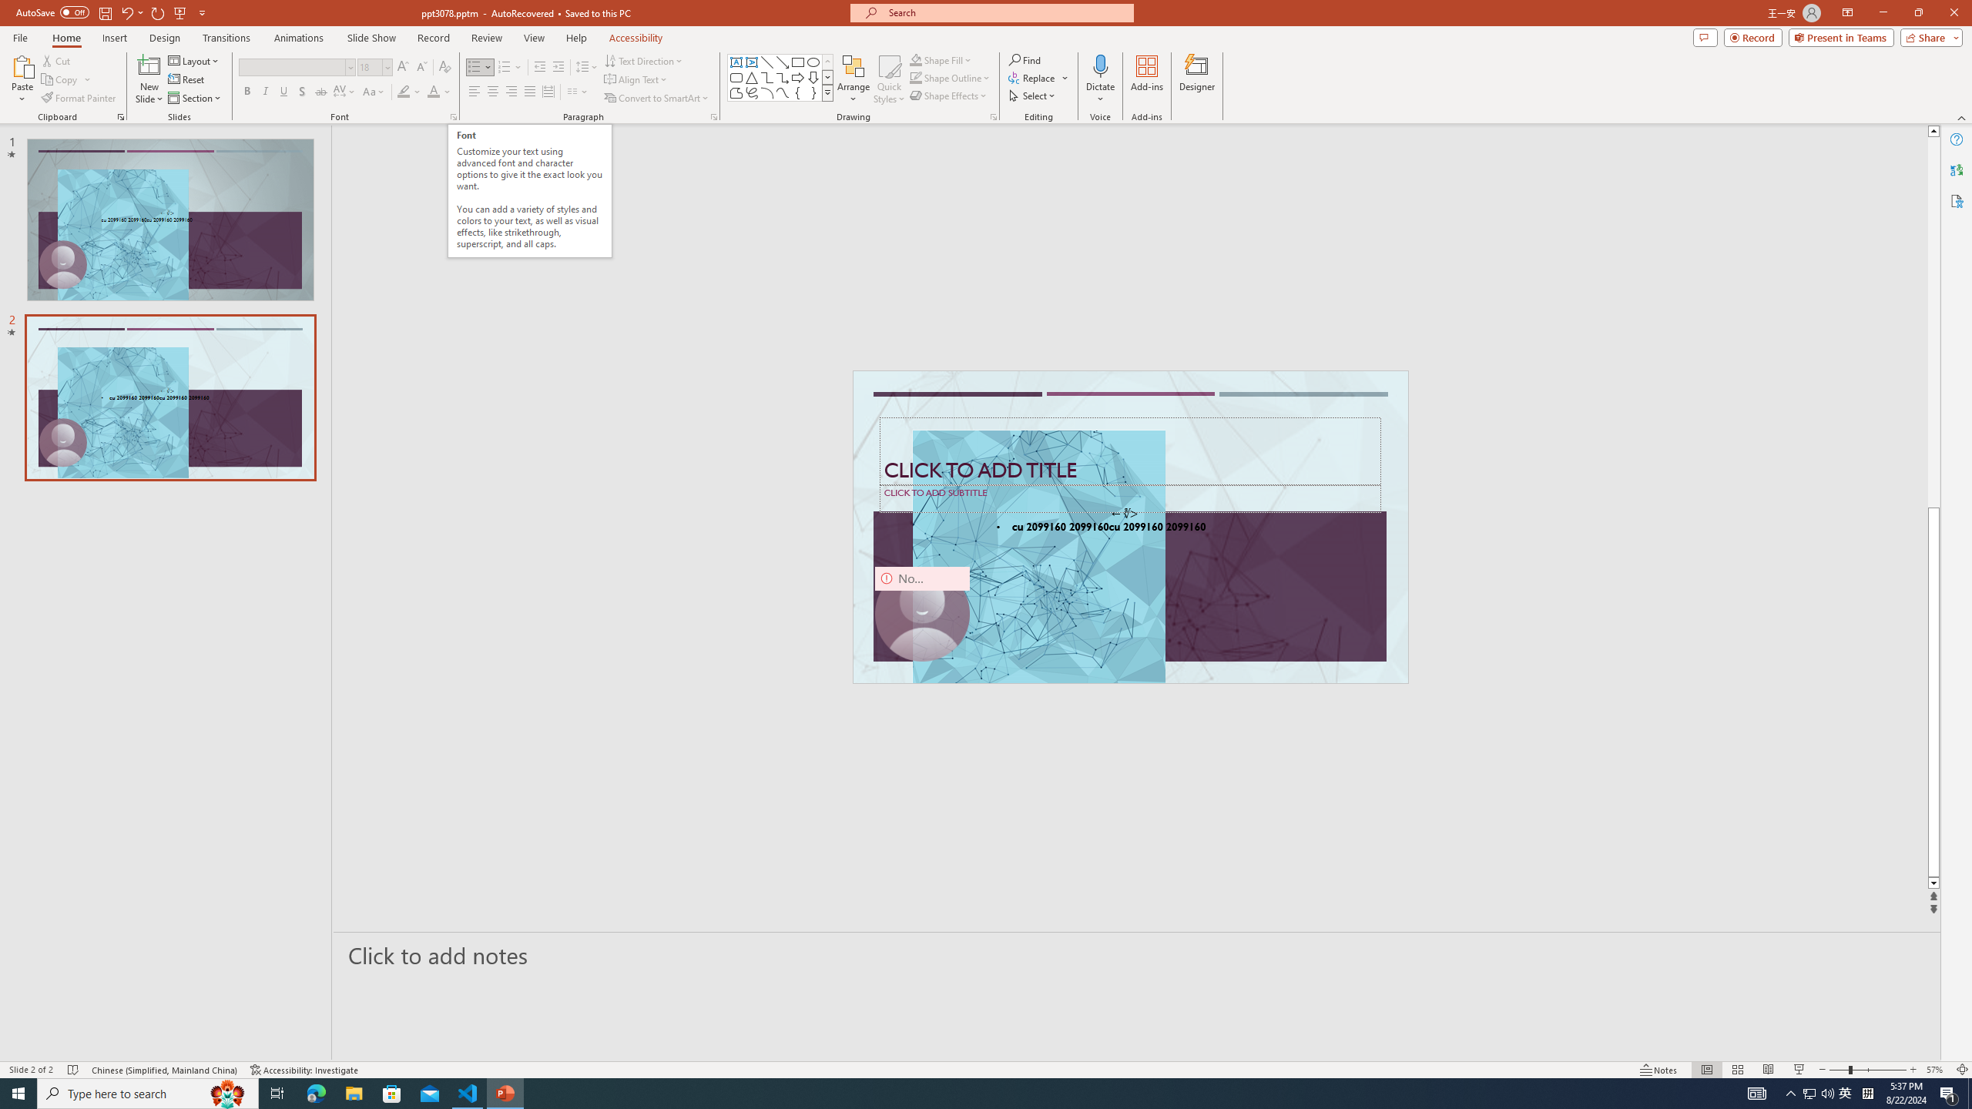 This screenshot has width=1972, height=1109. Describe the element at coordinates (1658, 1070) in the screenshot. I see `'Notes '` at that location.